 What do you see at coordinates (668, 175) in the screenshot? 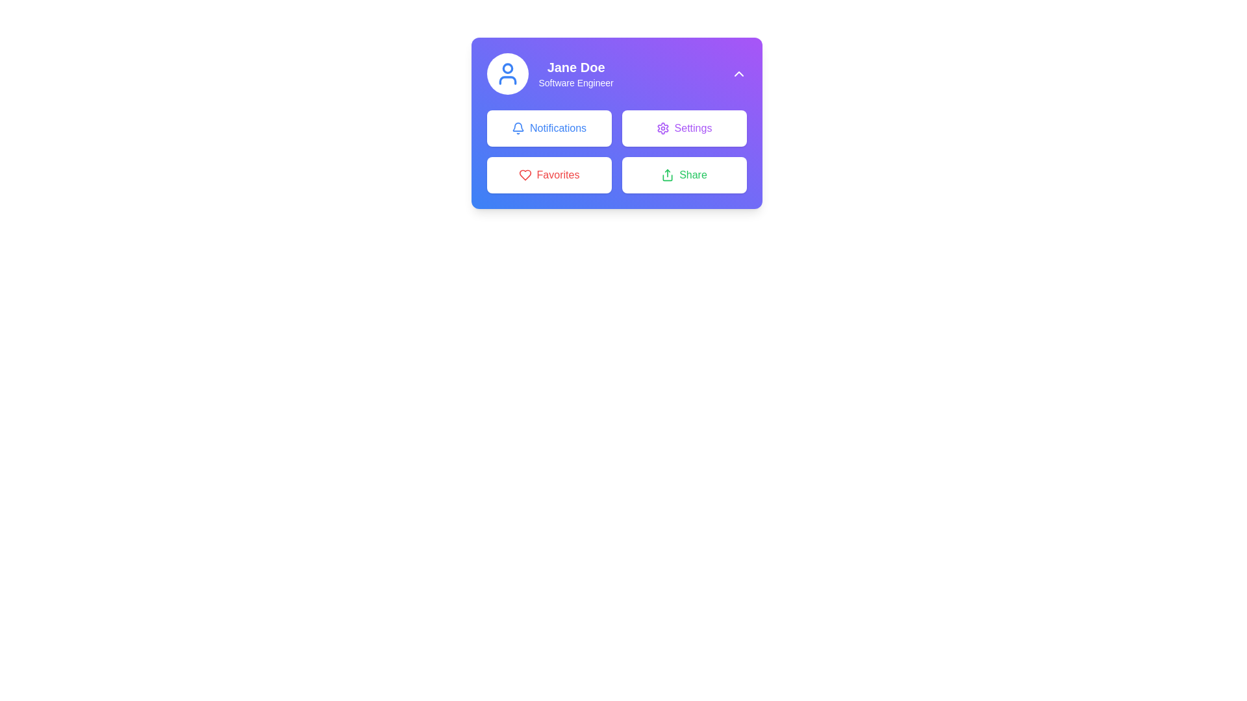
I see `the share icon with a green outline and transparent fill located in the bottom-right corner of the card labeled 'Share'` at bounding box center [668, 175].